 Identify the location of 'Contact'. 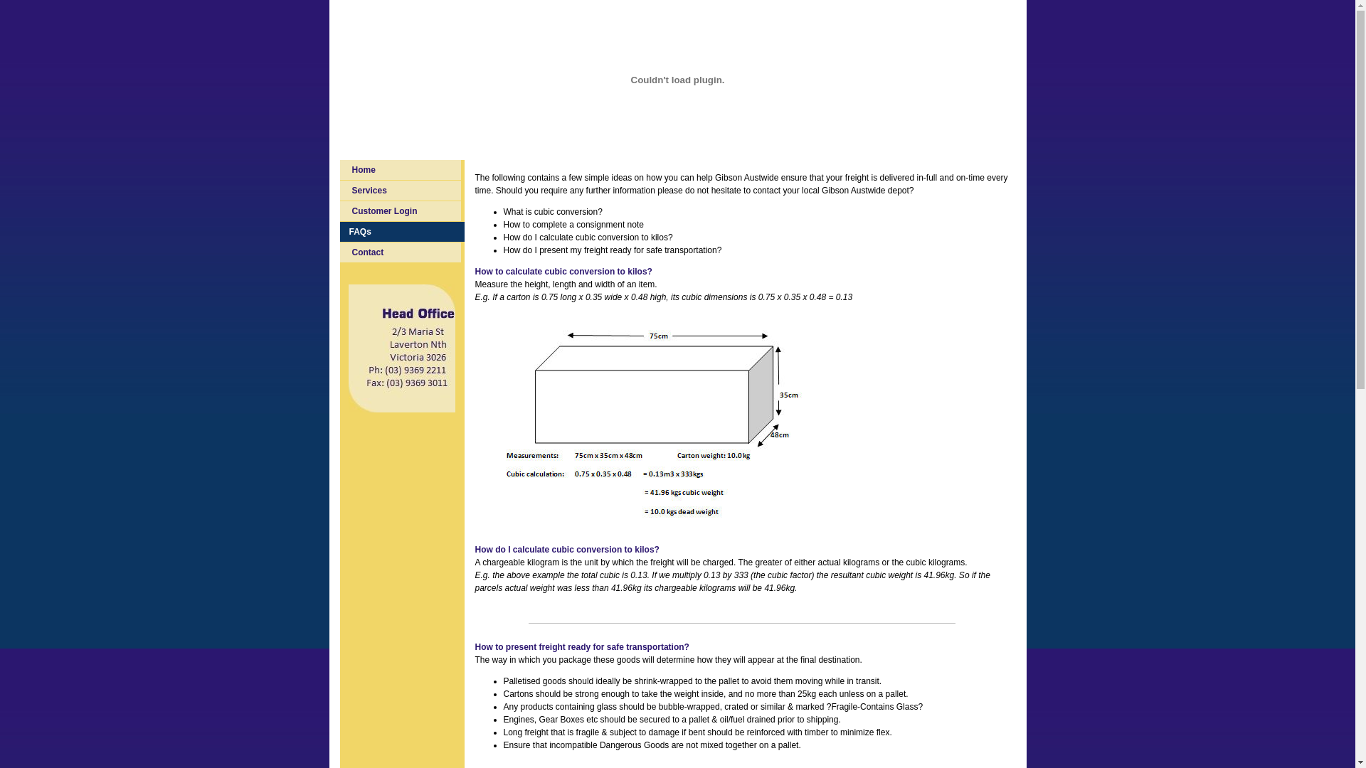
(339, 251).